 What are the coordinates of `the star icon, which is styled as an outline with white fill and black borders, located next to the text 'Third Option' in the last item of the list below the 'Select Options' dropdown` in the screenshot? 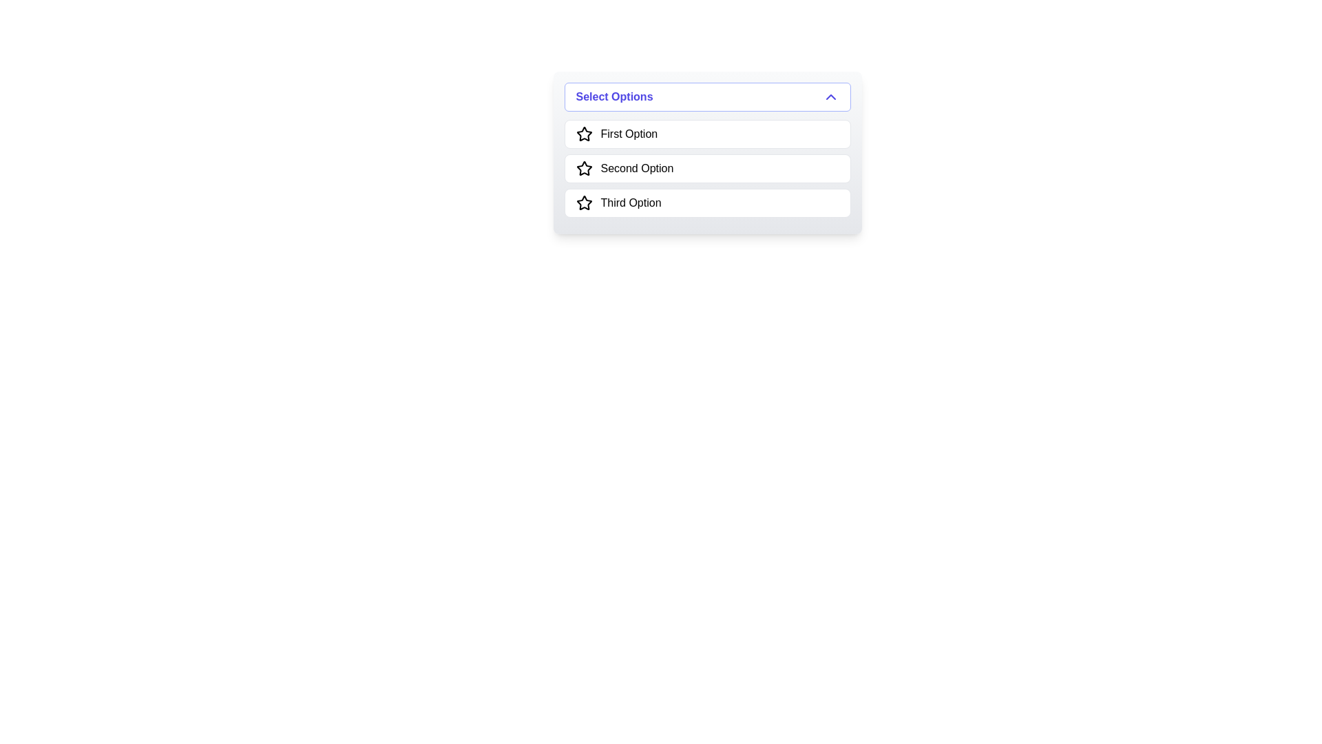 It's located at (584, 203).